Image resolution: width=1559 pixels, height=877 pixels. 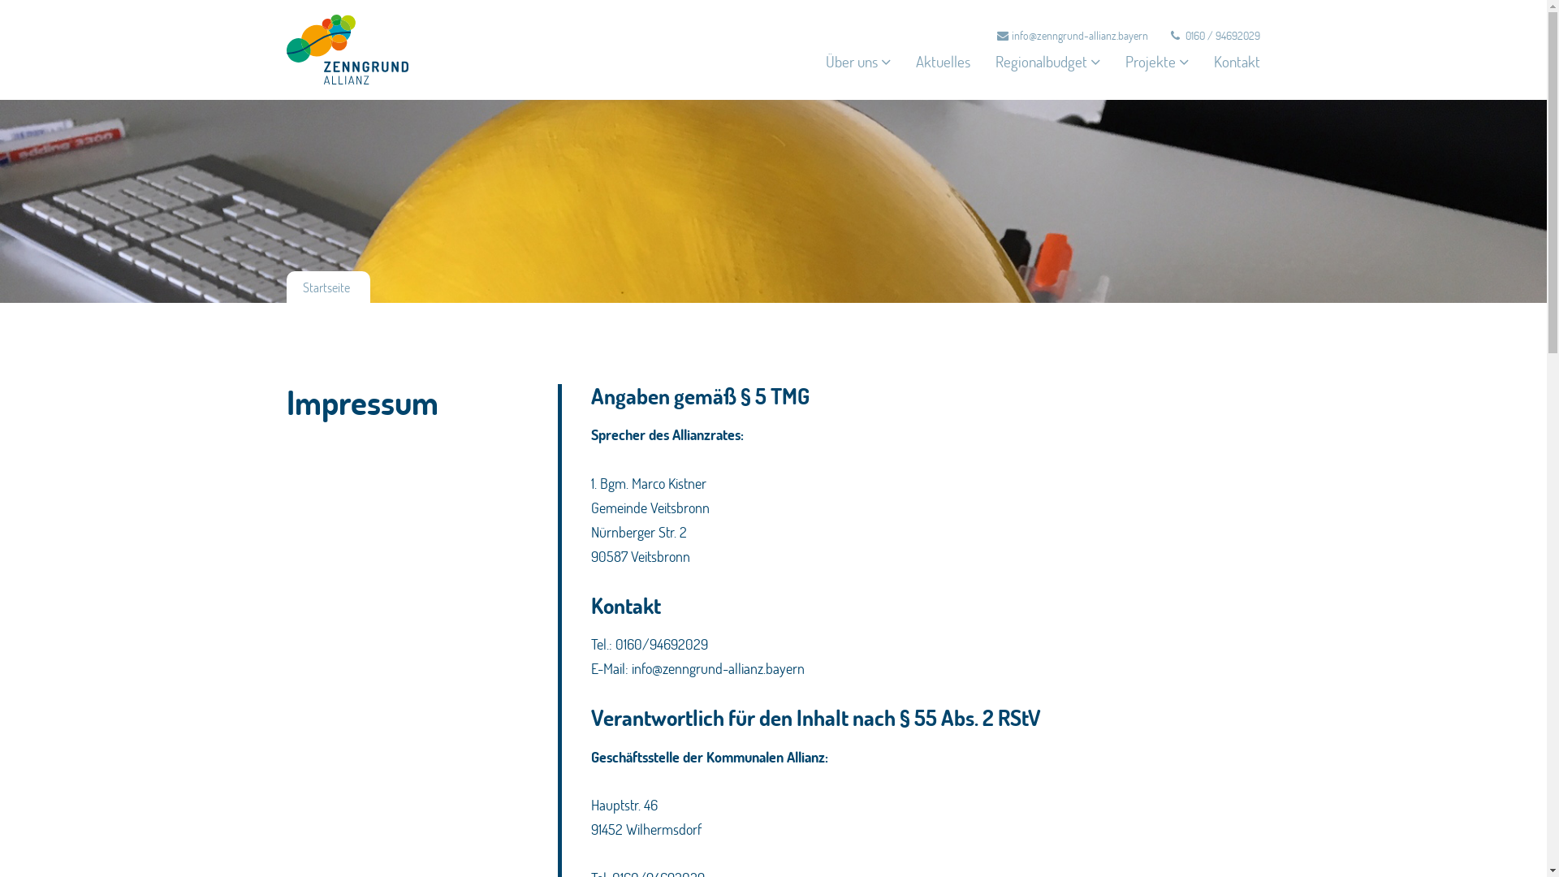 I want to click on 'info@zenngrund-allianz.bayern', so click(x=1072, y=35).